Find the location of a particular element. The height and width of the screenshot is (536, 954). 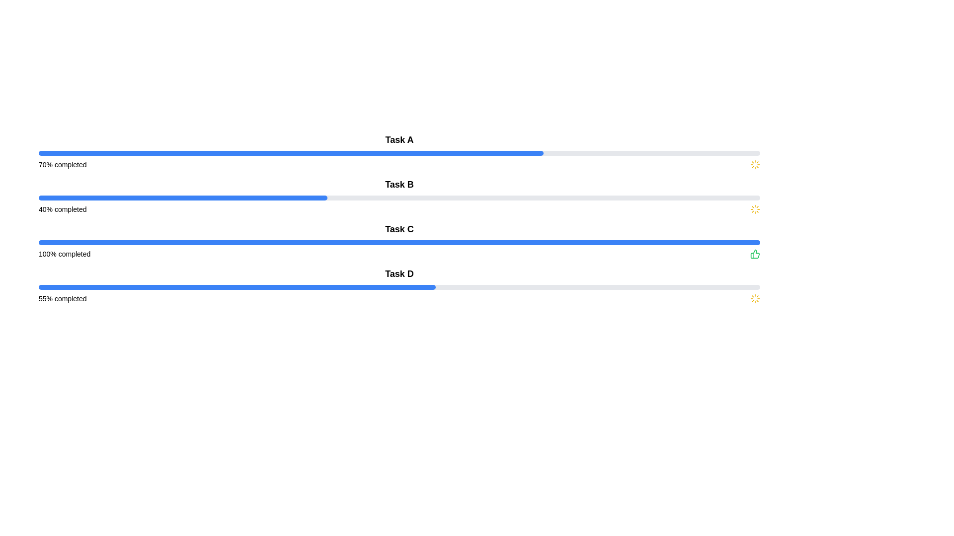

the progress visually of the first progress bar indicating 'Task A' completion at 70% is located at coordinates (399, 151).